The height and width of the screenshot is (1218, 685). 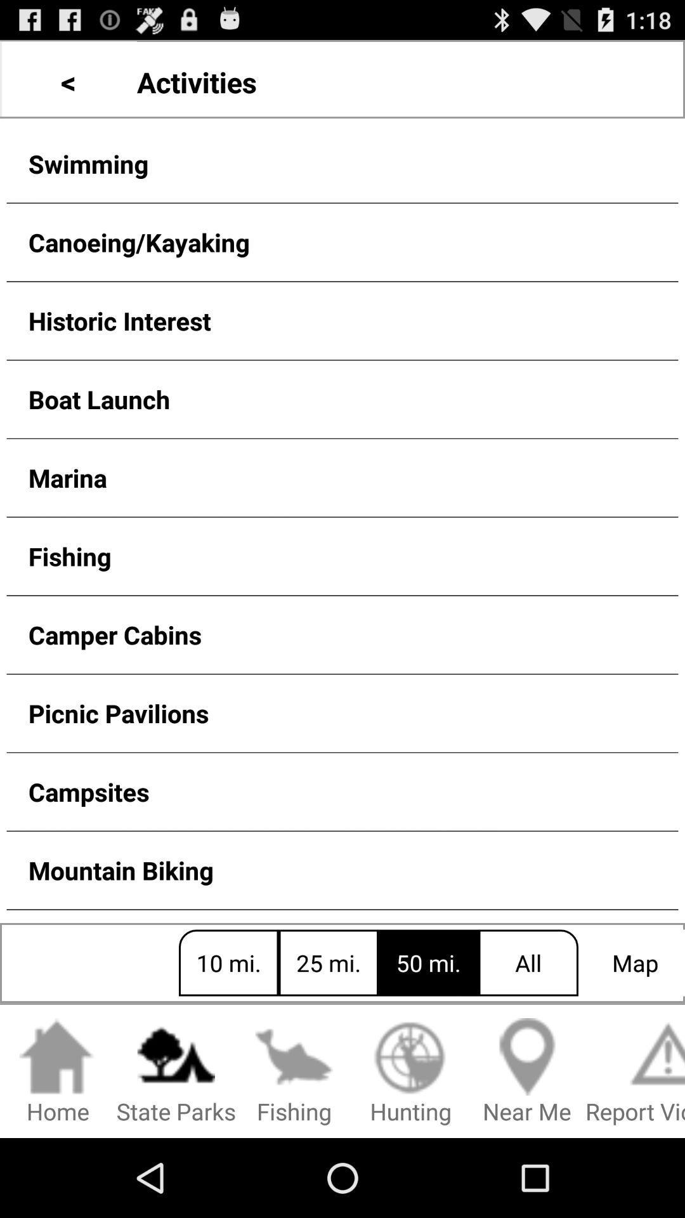 What do you see at coordinates (635, 1071) in the screenshot?
I see `icon to the right of near me item` at bounding box center [635, 1071].